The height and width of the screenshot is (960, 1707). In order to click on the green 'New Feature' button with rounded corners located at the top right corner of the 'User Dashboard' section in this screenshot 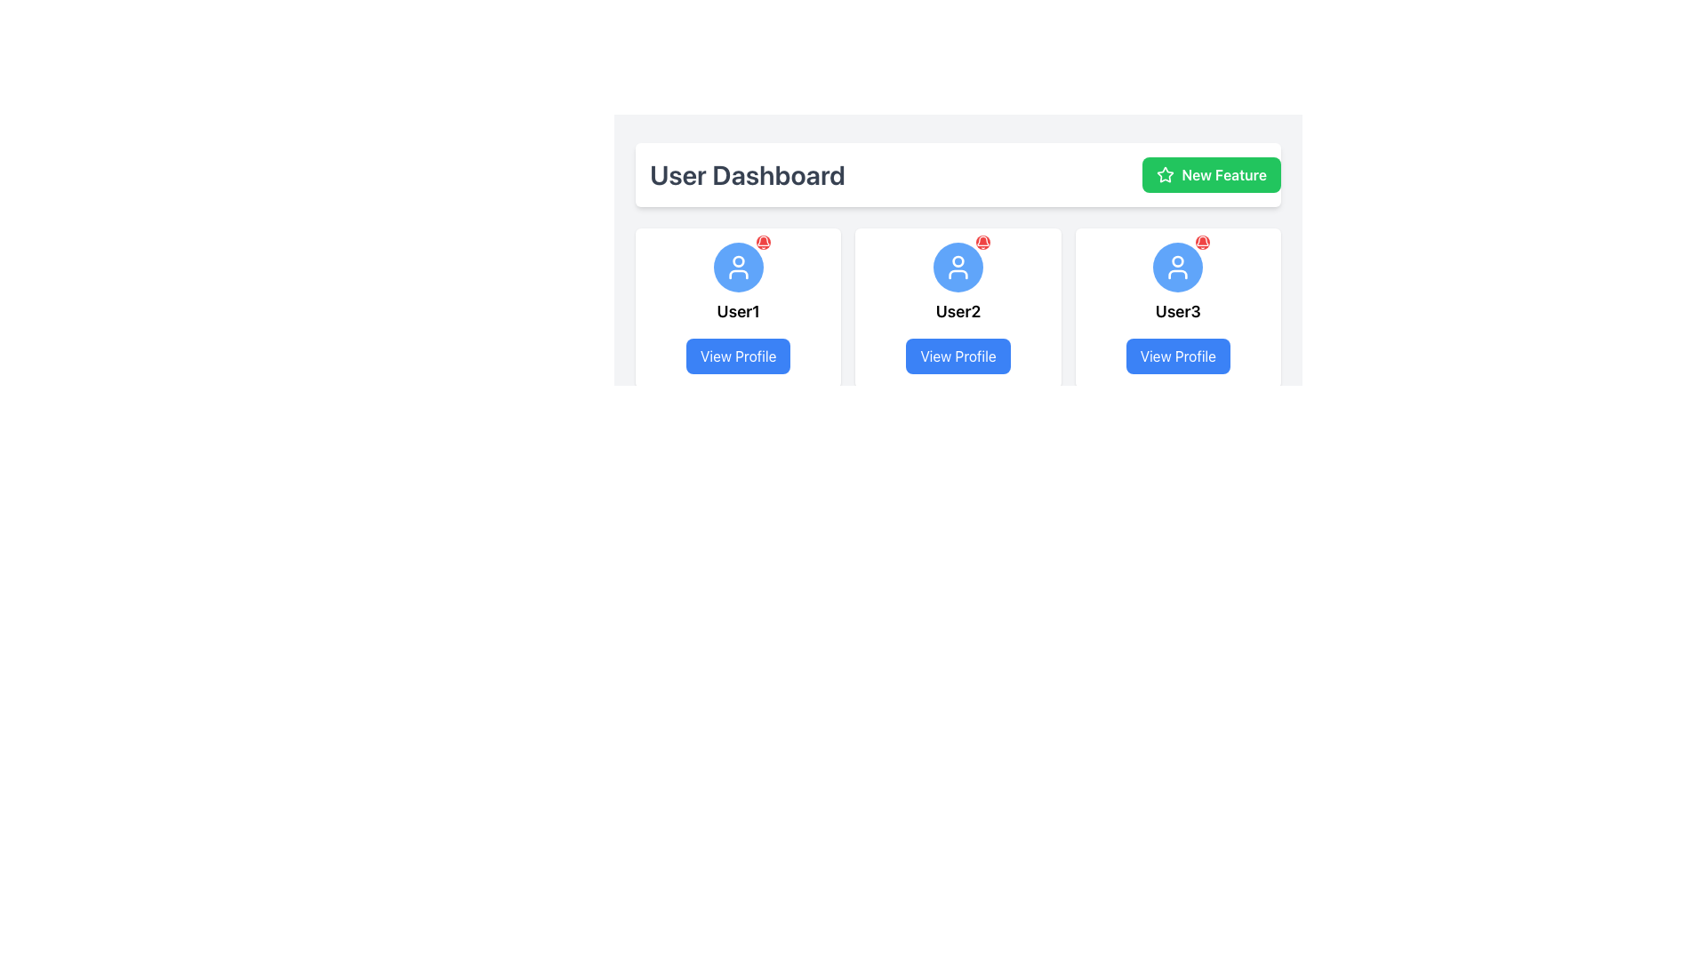, I will do `click(1211, 174)`.